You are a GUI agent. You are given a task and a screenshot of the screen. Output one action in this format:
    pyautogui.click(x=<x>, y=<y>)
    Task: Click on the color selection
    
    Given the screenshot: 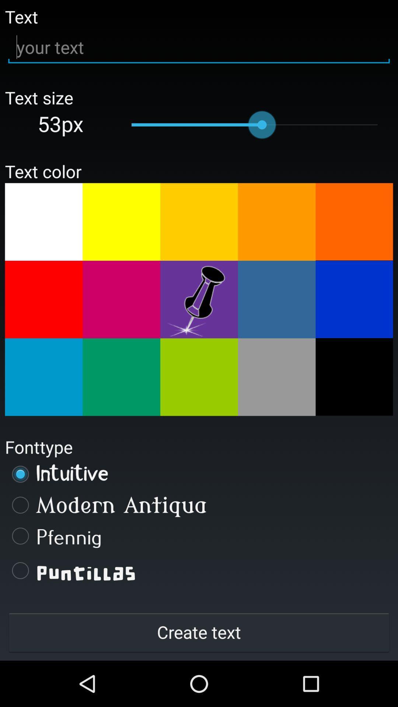 What is the action you would take?
    pyautogui.click(x=121, y=299)
    